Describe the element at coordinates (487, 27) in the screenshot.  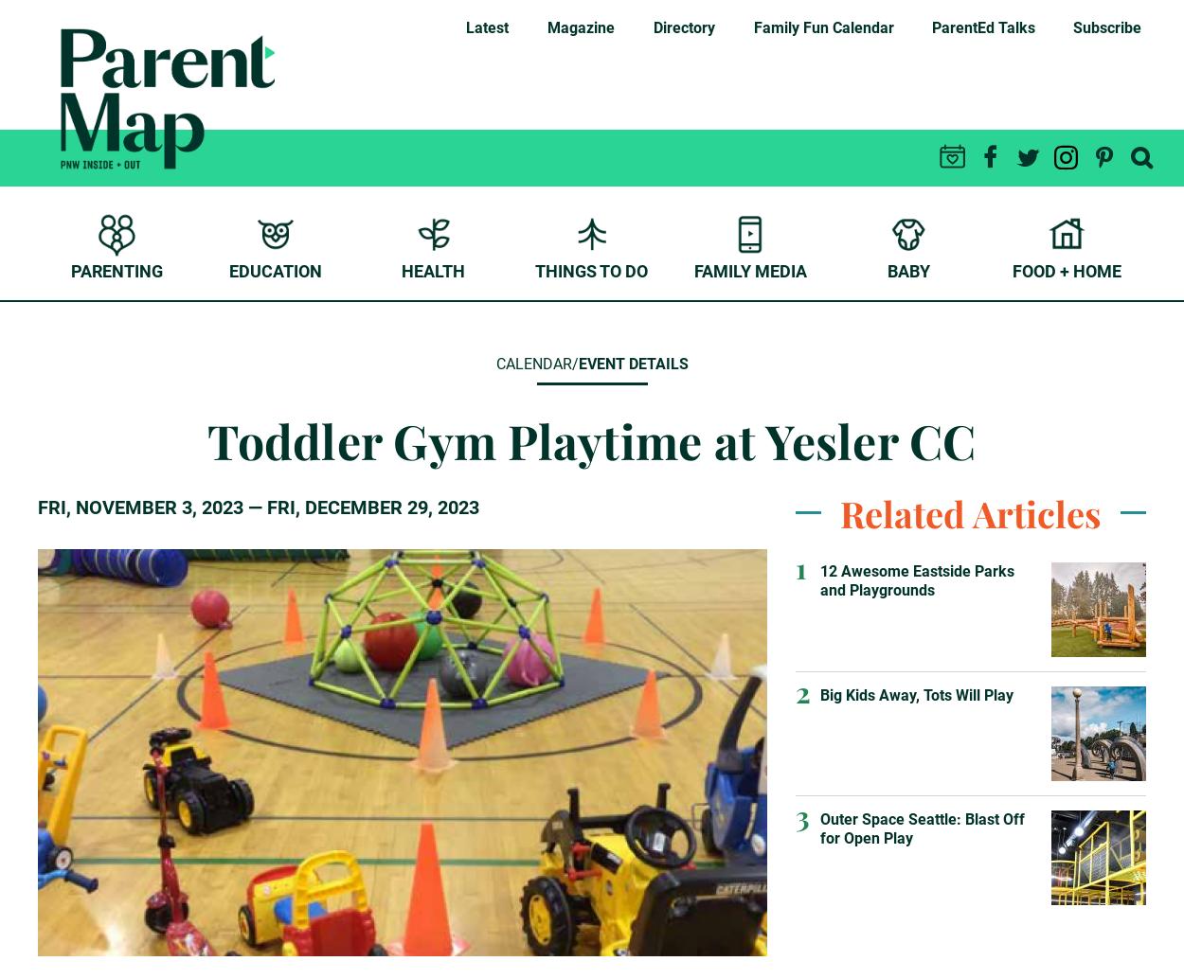
I see `'Latest'` at that location.